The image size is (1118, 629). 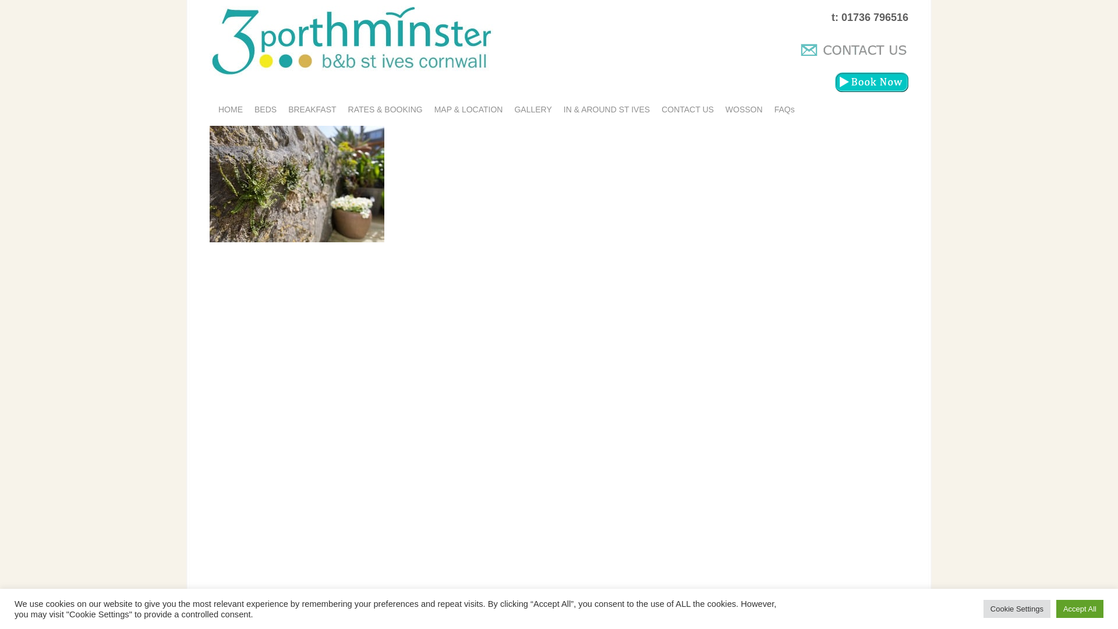 What do you see at coordinates (983, 608) in the screenshot?
I see `'Cookie Settings'` at bounding box center [983, 608].